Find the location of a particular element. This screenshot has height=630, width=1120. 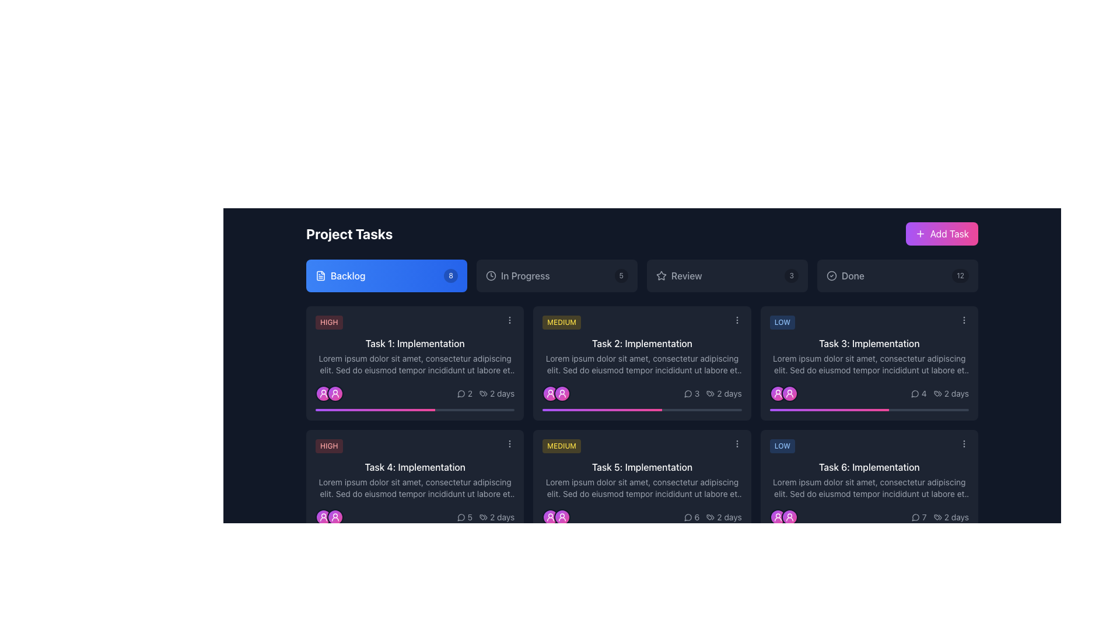

the small rectangular badge with a red background and light red text saying 'HIGH', located in the top-left corner of the card labeled 'Task 4: Implementation' is located at coordinates (415, 446).